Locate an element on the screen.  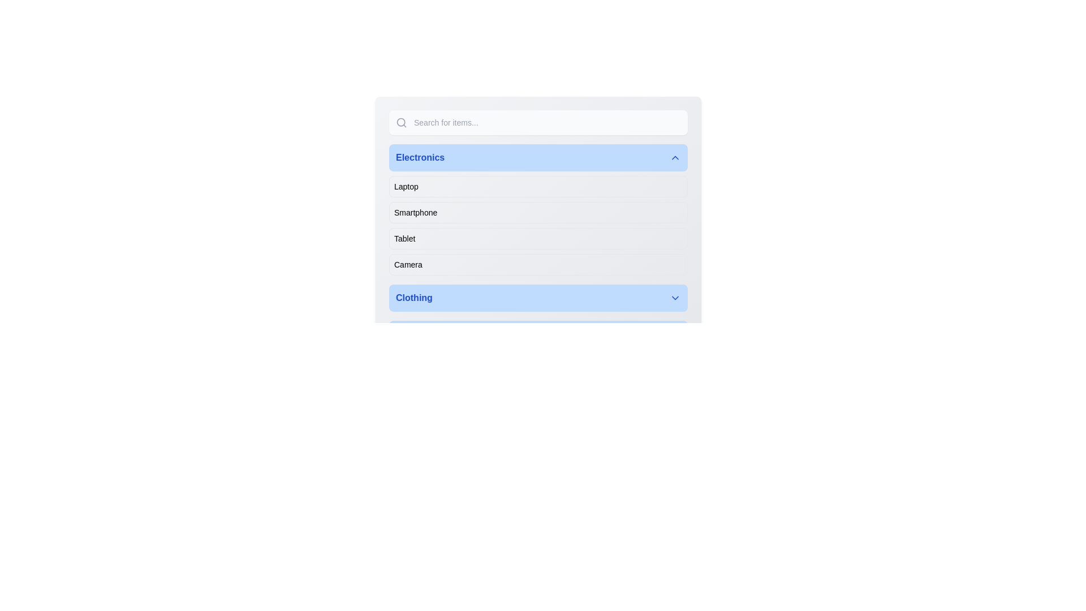
the 'Clothing' text label is located at coordinates (413, 298).